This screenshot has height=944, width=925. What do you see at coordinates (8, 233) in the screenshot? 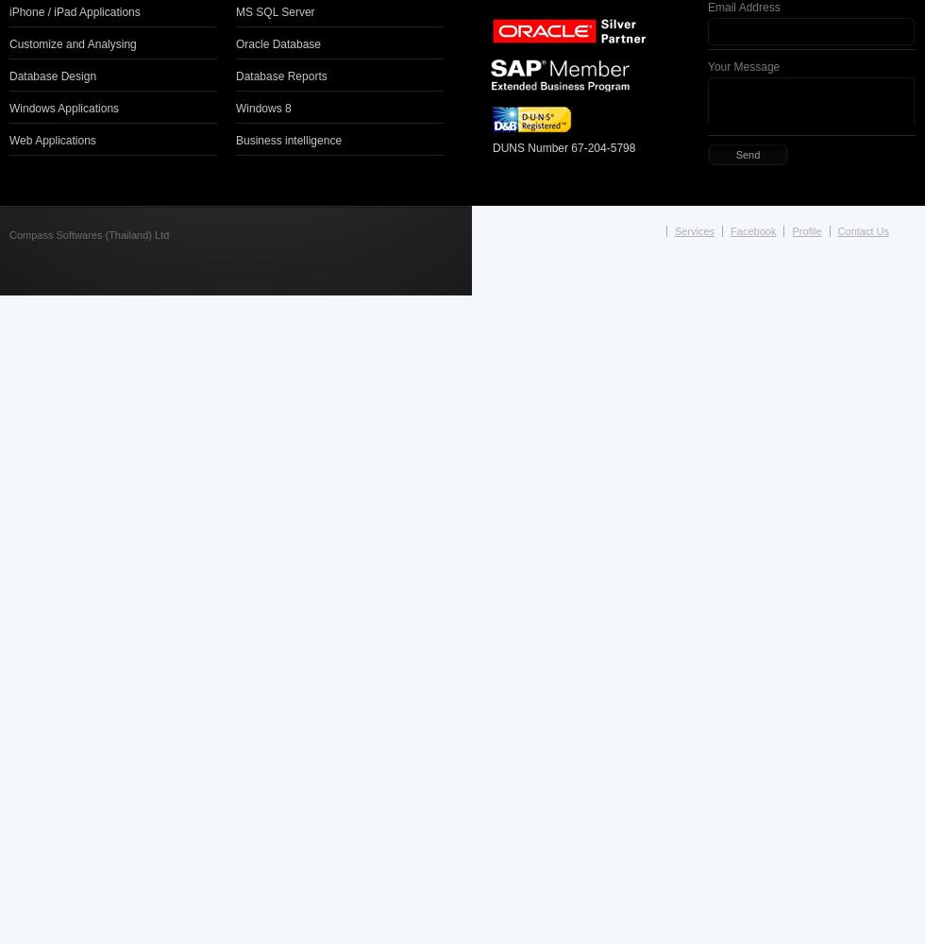
I see `'Compass Softwares (Thailand) Ltd'` at bounding box center [8, 233].